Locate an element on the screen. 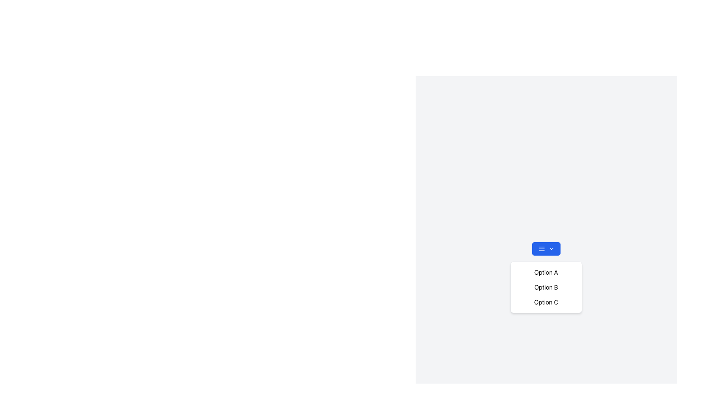 The width and height of the screenshot is (717, 403). the Dropdown list item displaying 'Option B' is located at coordinates (546, 287).